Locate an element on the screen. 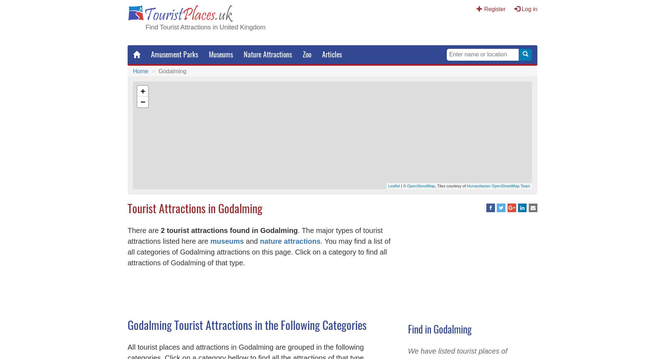 The height and width of the screenshot is (359, 665). 'Register' is located at coordinates (494, 9).